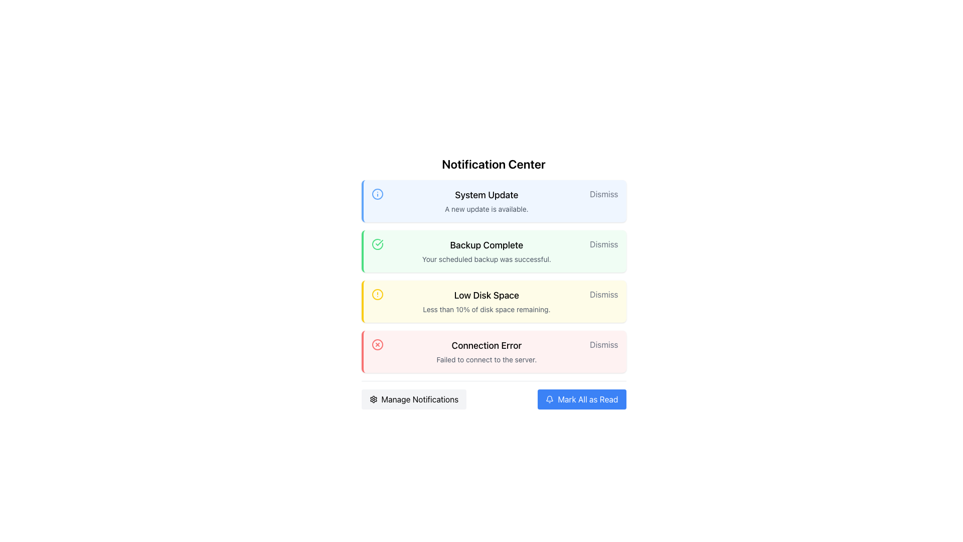 This screenshot has width=963, height=542. I want to click on the textual notification indicating 'Low Disk Space' with a yellow background and a left-side yellow border, which is positioned between 'Backup Complete' and 'Connection Error' notifications, so click(487, 301).